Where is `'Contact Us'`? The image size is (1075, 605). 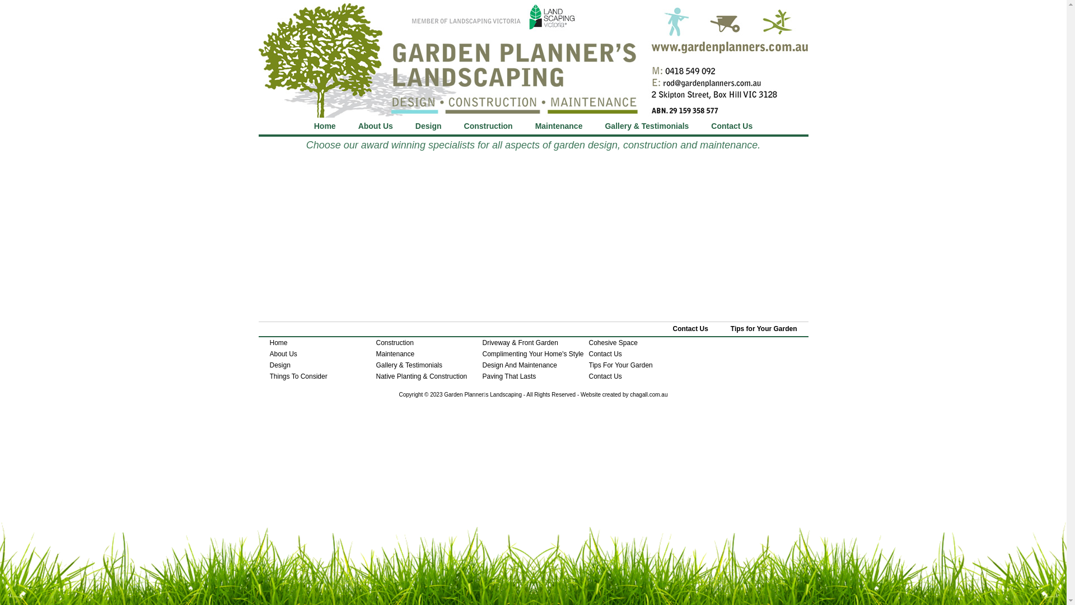 'Contact Us' is located at coordinates (689, 328).